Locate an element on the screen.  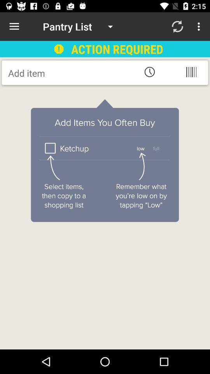
time is located at coordinates (149, 72).